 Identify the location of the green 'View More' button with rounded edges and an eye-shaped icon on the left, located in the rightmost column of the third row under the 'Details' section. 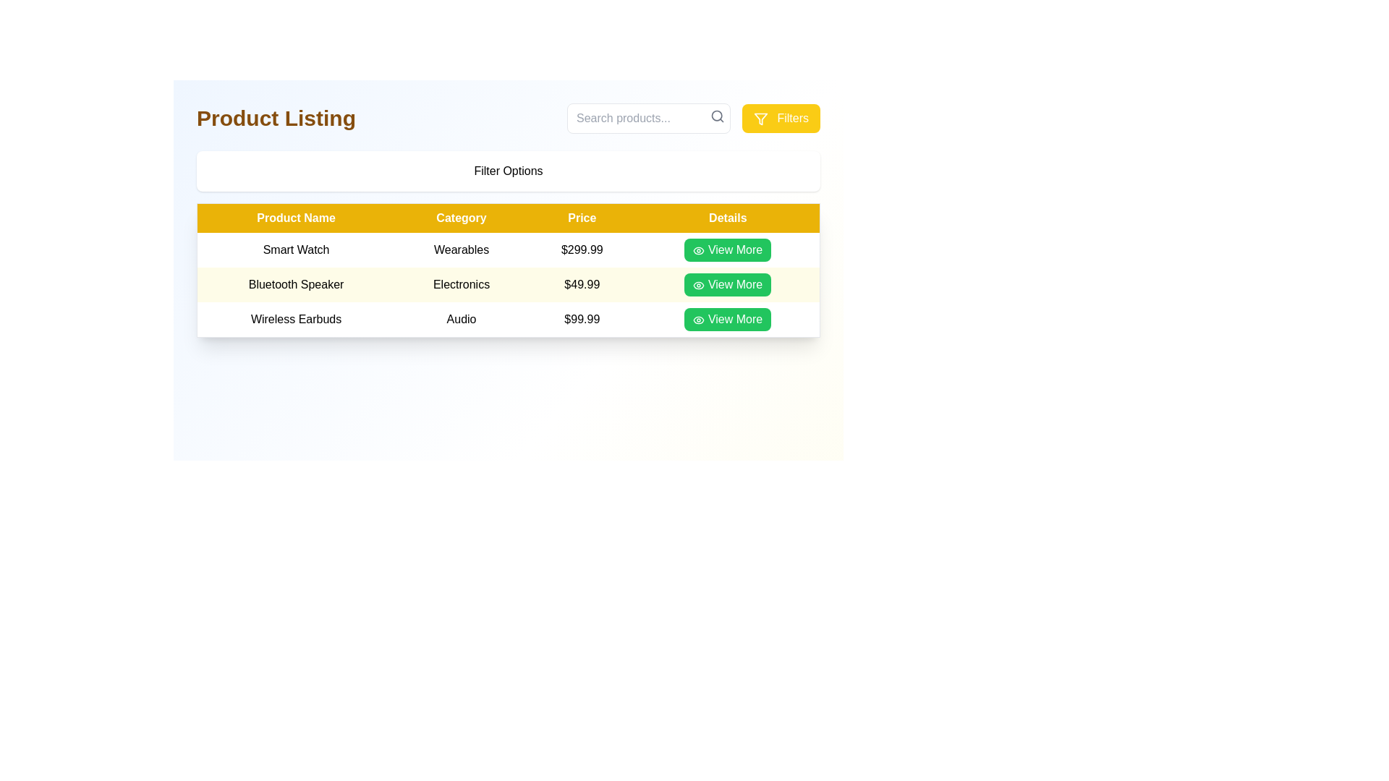
(728, 319).